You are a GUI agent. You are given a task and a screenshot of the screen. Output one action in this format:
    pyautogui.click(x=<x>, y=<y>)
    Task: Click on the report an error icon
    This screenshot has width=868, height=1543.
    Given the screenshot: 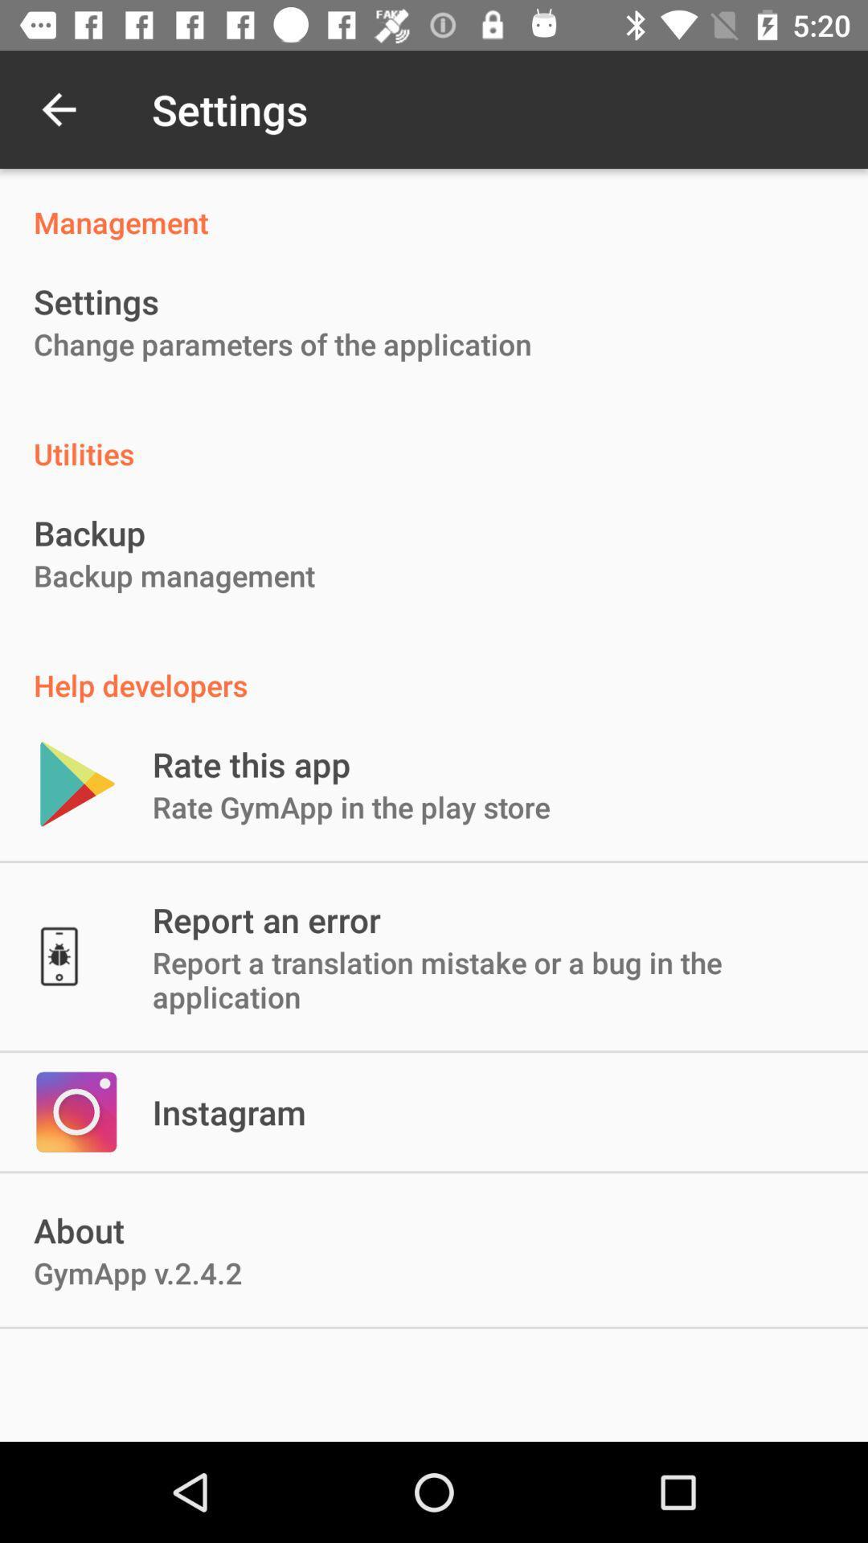 What is the action you would take?
    pyautogui.click(x=265, y=919)
    